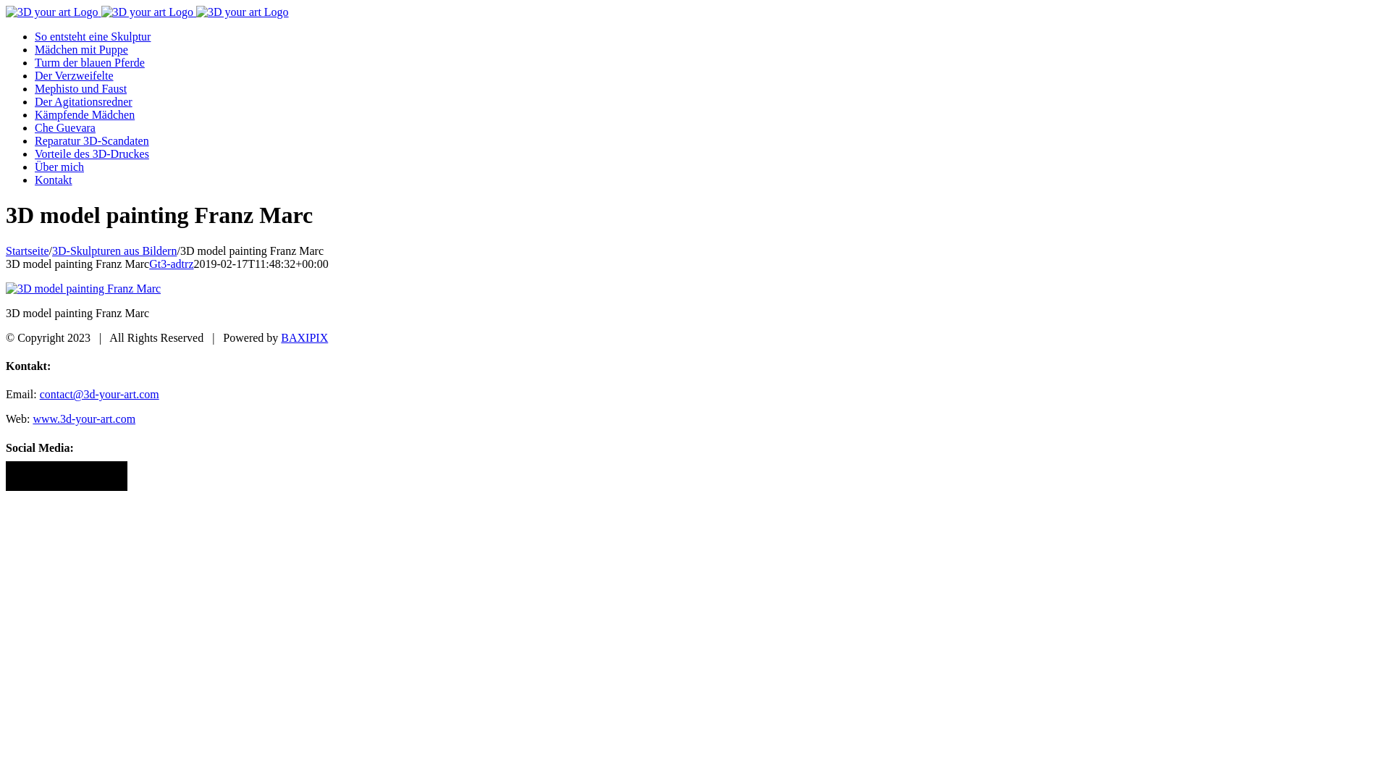 The image size is (1390, 782). What do you see at coordinates (58, 476) in the screenshot?
I see `'Twitter'` at bounding box center [58, 476].